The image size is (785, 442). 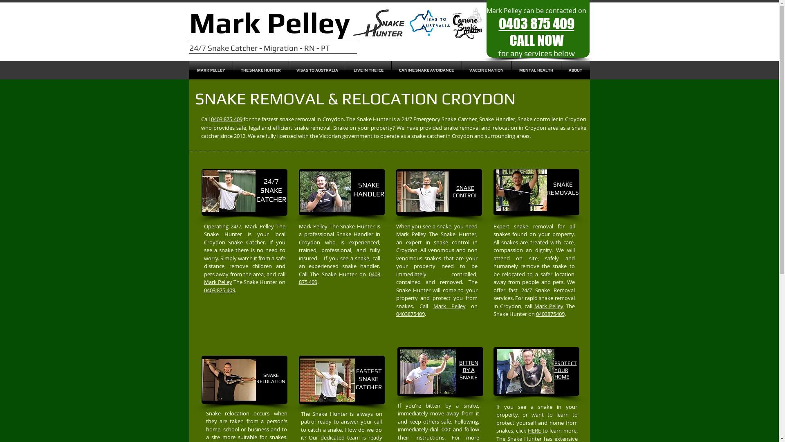 I want to click on 'CANINE SNAKE AVOIDANCE', so click(x=391, y=70).